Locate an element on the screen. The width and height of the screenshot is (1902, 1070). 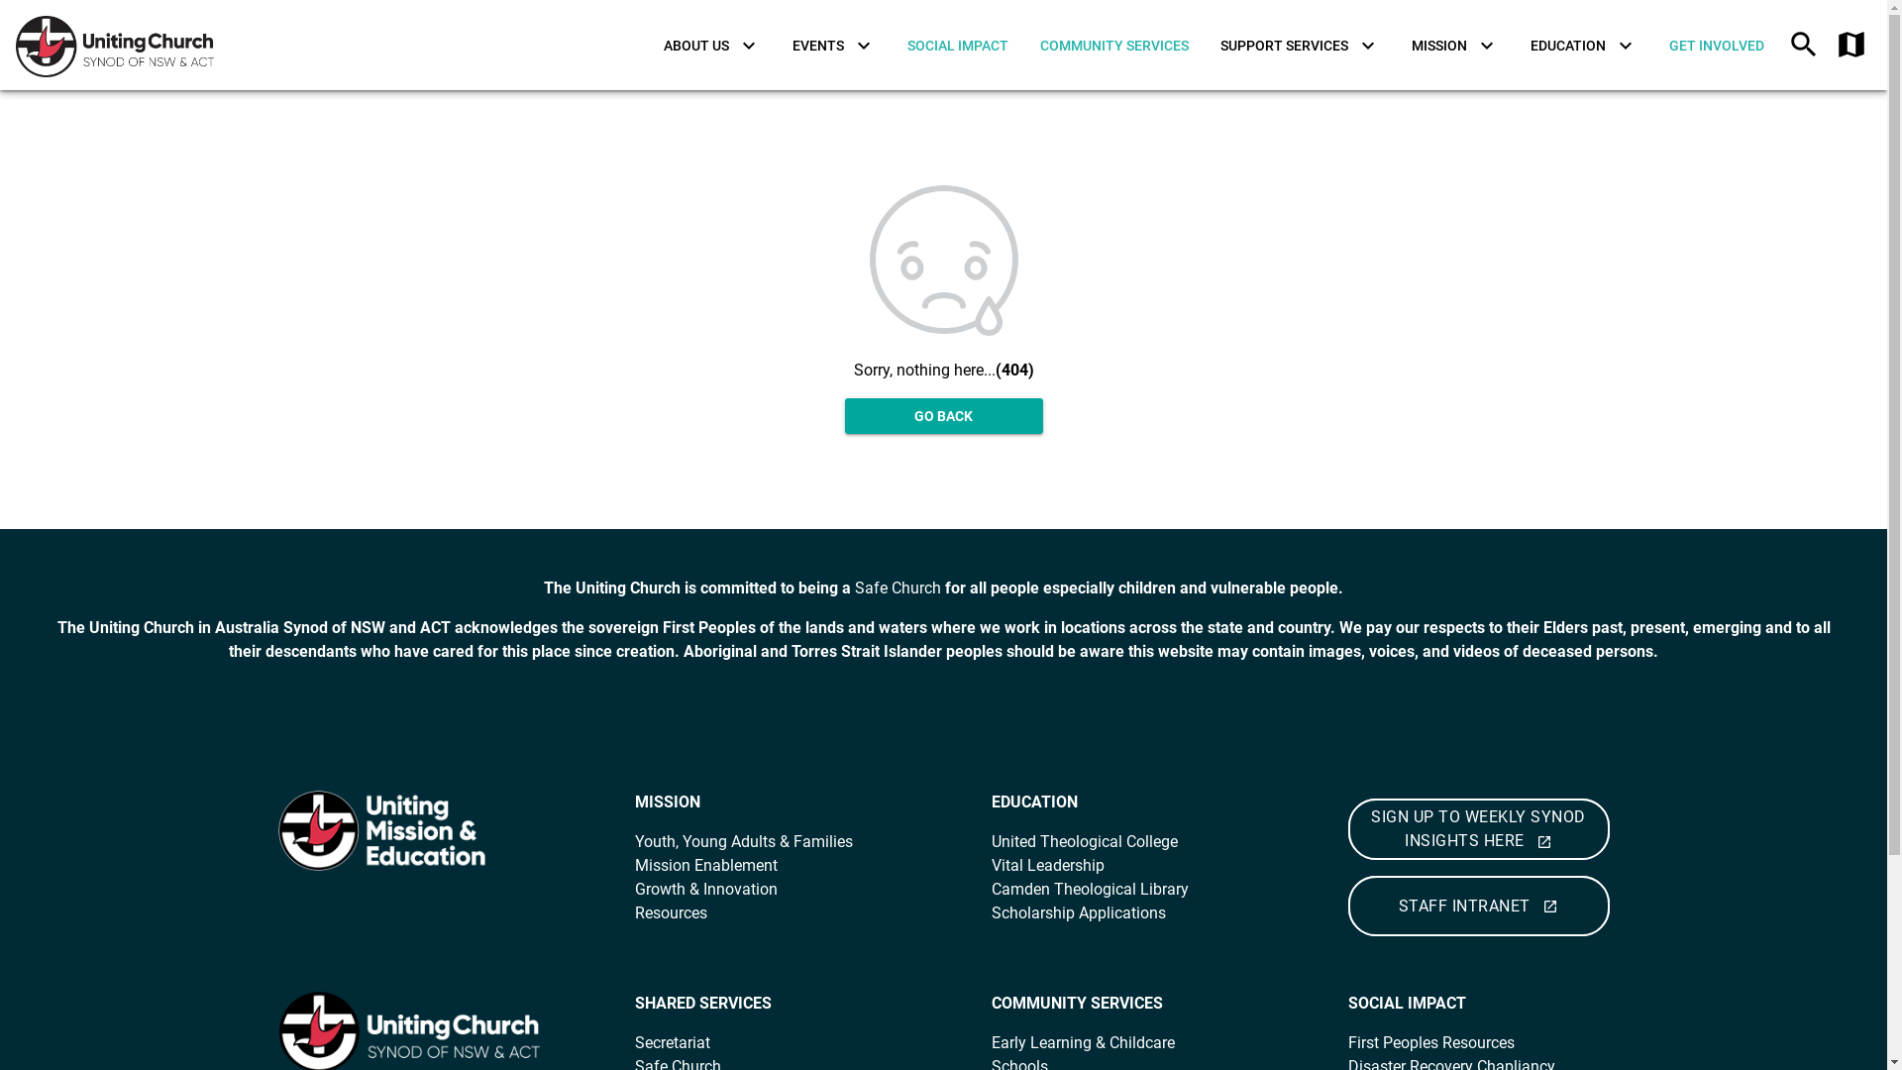
'search' is located at coordinates (1803, 45).